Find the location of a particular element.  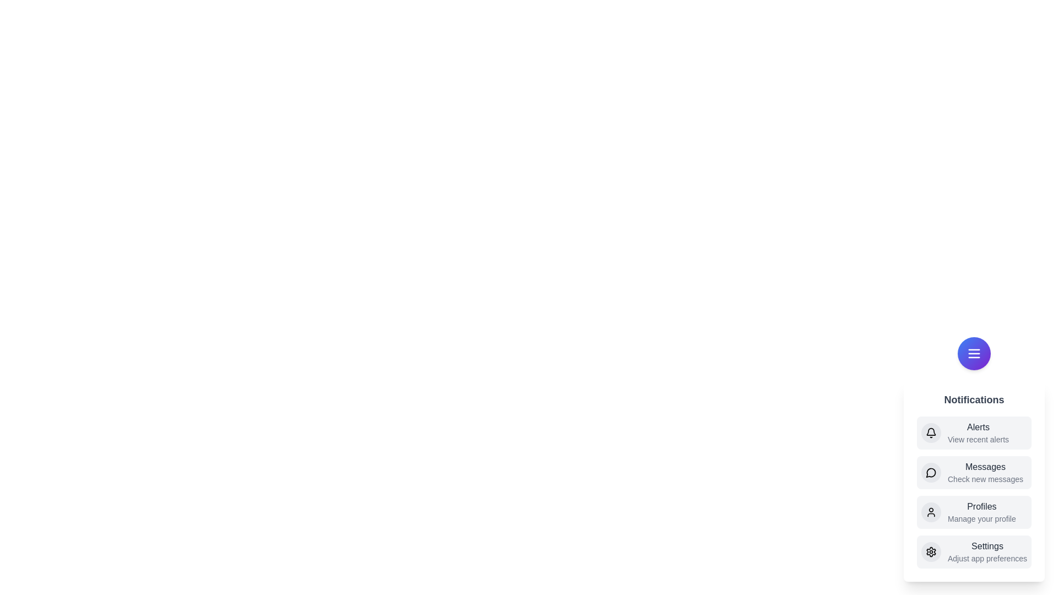

the Settings from the menu is located at coordinates (974, 552).